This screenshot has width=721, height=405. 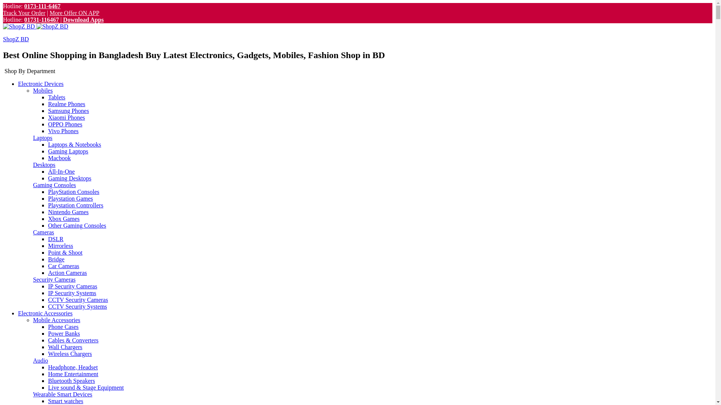 What do you see at coordinates (74, 191) in the screenshot?
I see `'PlayStation Consoles'` at bounding box center [74, 191].